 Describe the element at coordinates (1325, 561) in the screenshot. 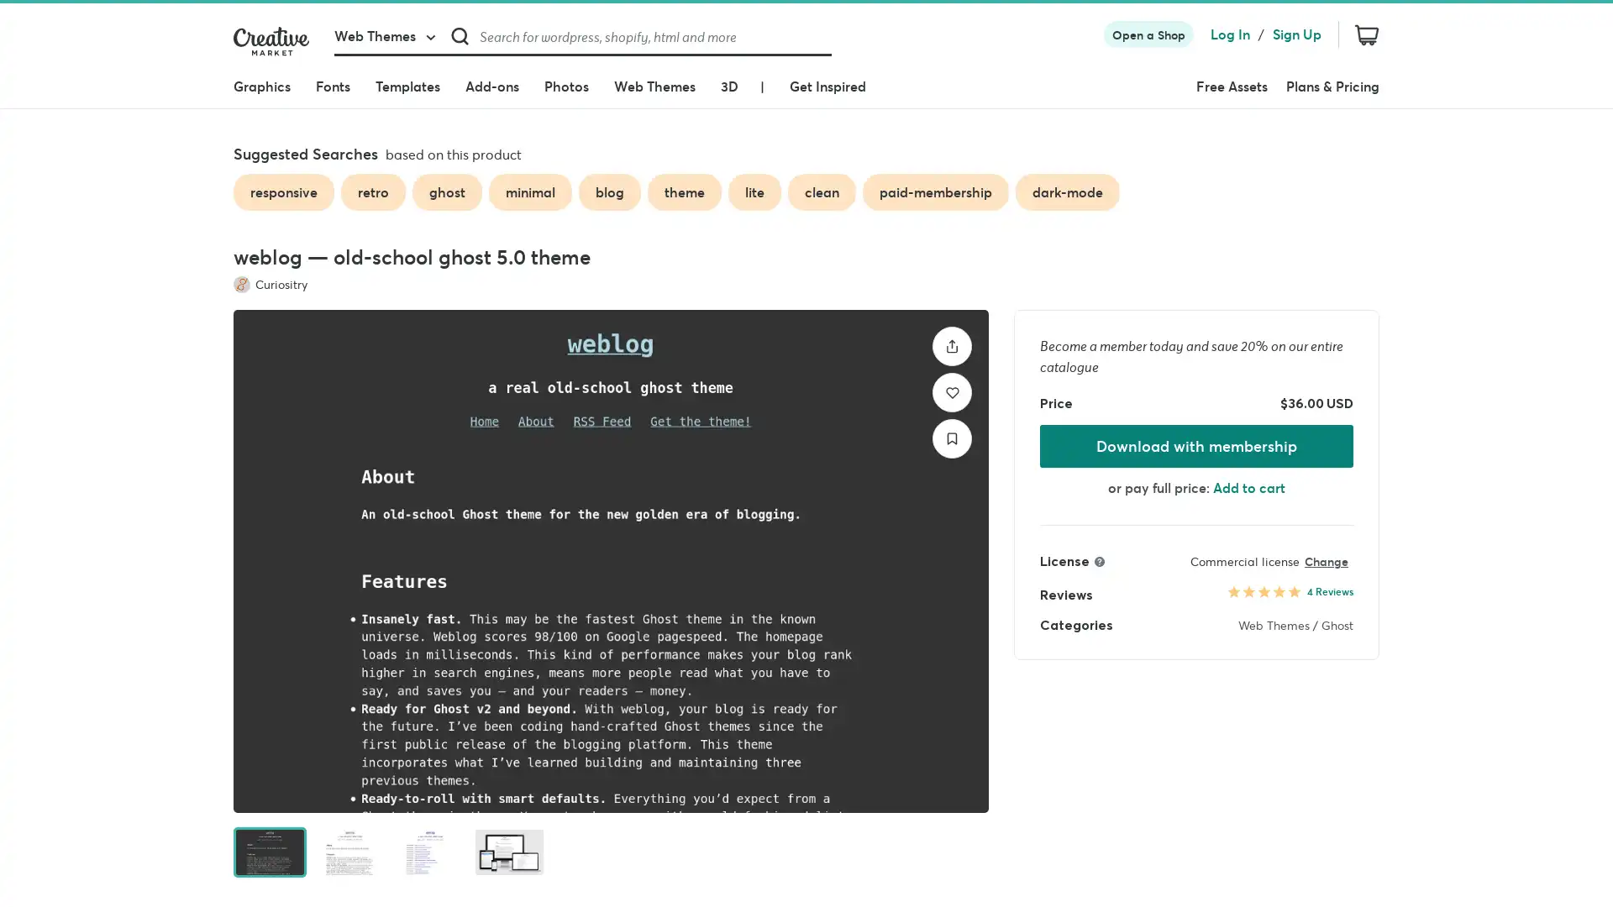

I see `Change license` at that location.